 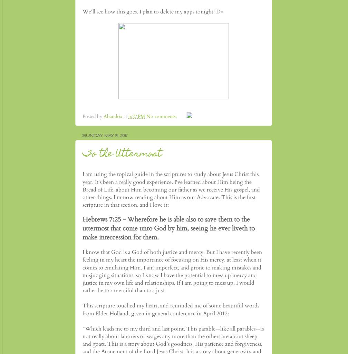 I want to click on 'at', so click(x=126, y=116).